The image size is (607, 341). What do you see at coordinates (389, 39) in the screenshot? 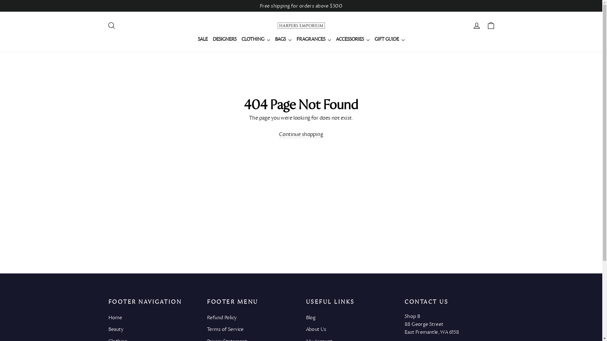
I see `'GIFT GUIDE'` at bounding box center [389, 39].